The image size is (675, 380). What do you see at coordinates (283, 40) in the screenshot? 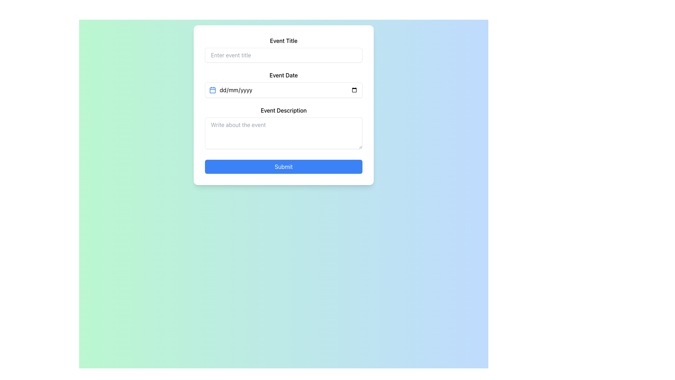
I see `the 'Event Title' text label, which is displayed in medium-sized black font at the top of the form interface, above the input field` at bounding box center [283, 40].